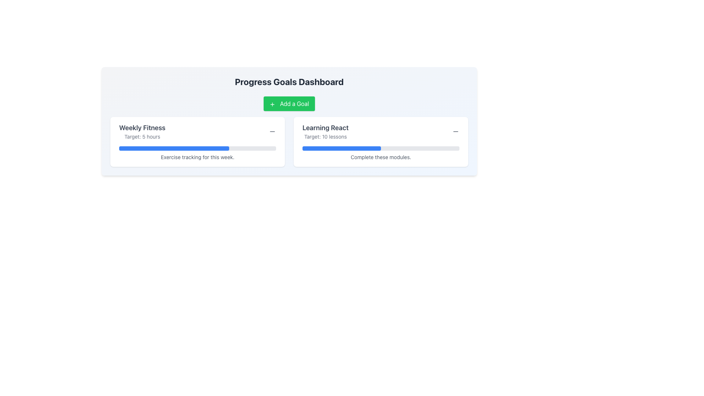 This screenshot has width=704, height=396. What do you see at coordinates (341, 148) in the screenshot?
I see `the Progress Indicator that visually represents the 50% completion of the 'Learning React' goal, located under the 'Learning React' section within a gray progress bar` at bounding box center [341, 148].